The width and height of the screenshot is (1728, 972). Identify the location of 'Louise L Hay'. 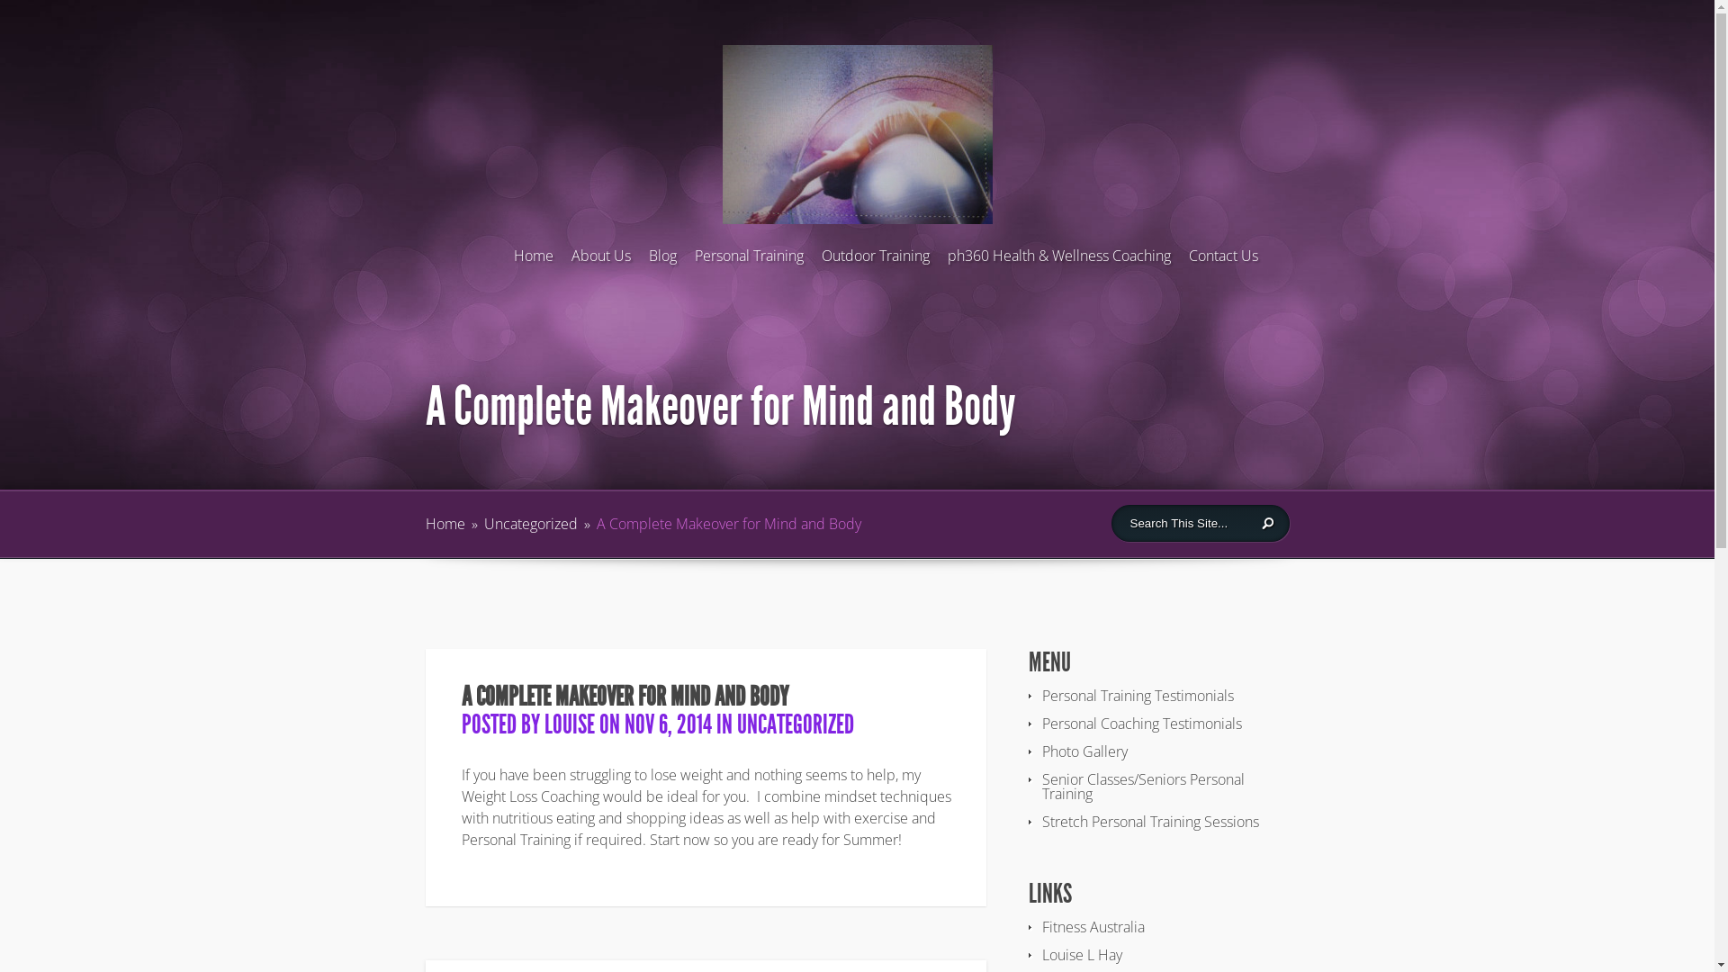
(1081, 953).